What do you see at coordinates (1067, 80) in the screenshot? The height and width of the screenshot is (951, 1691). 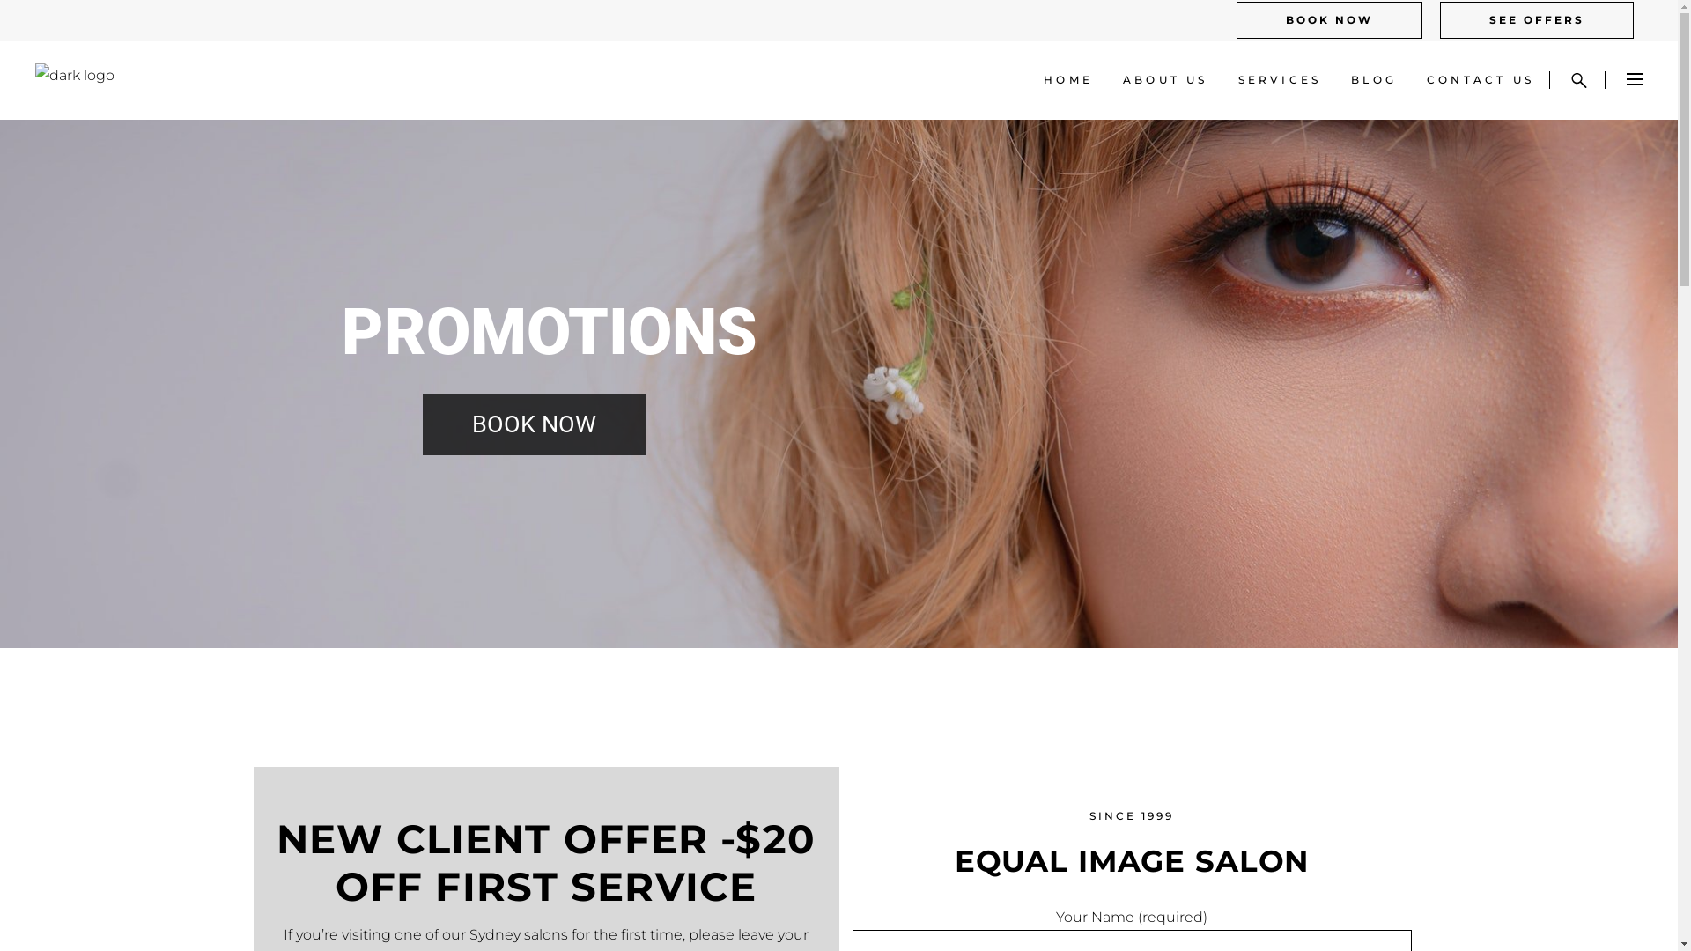 I see `'HOME'` at bounding box center [1067, 80].